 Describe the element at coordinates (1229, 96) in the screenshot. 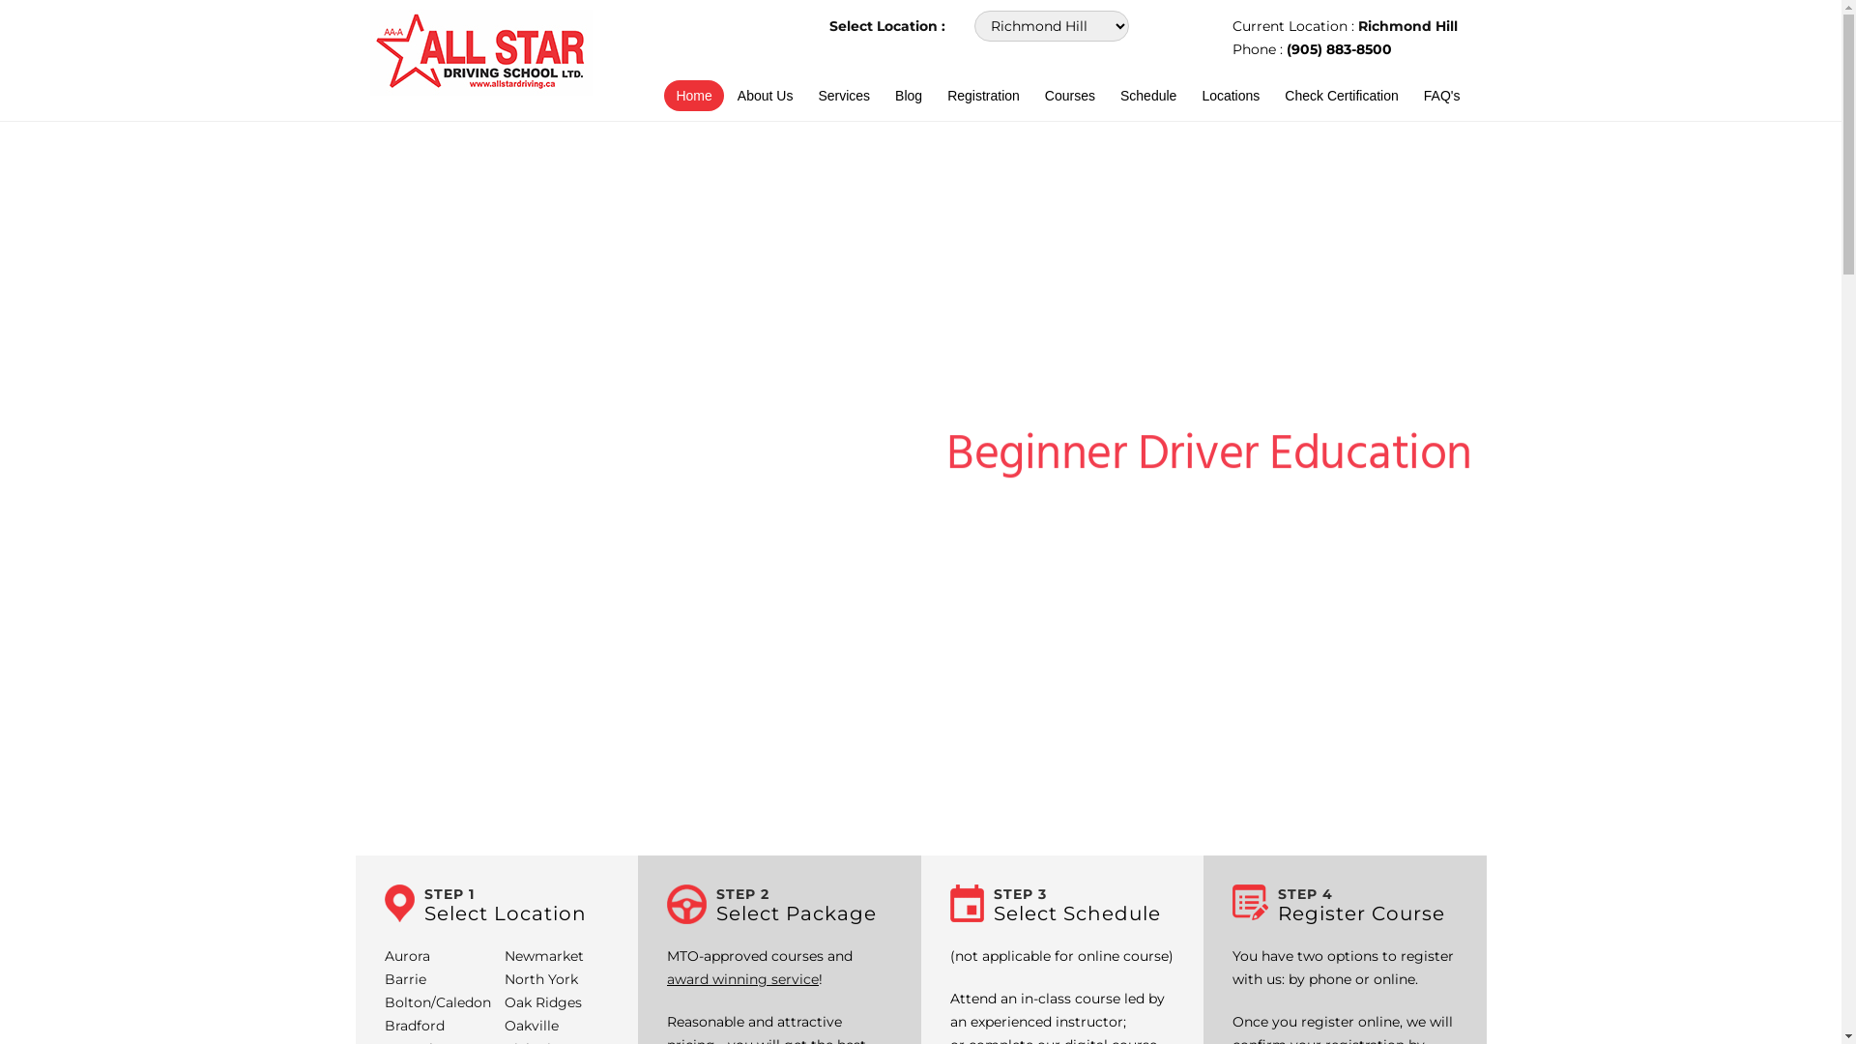

I see `'Locations'` at that location.